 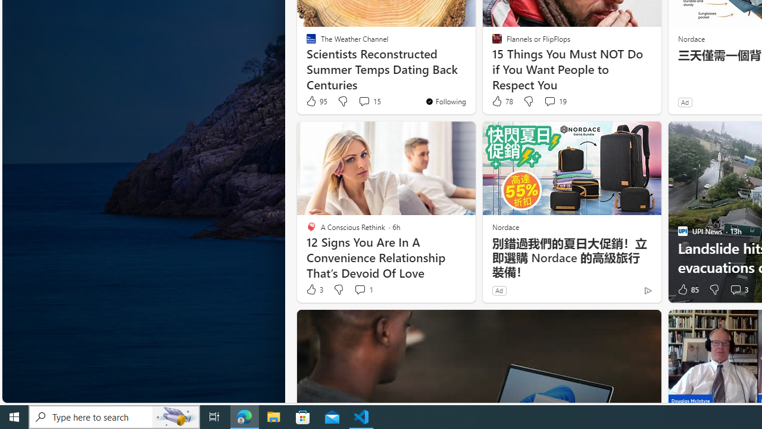 I want to click on 'View comments 15 Comment', so click(x=363, y=100).